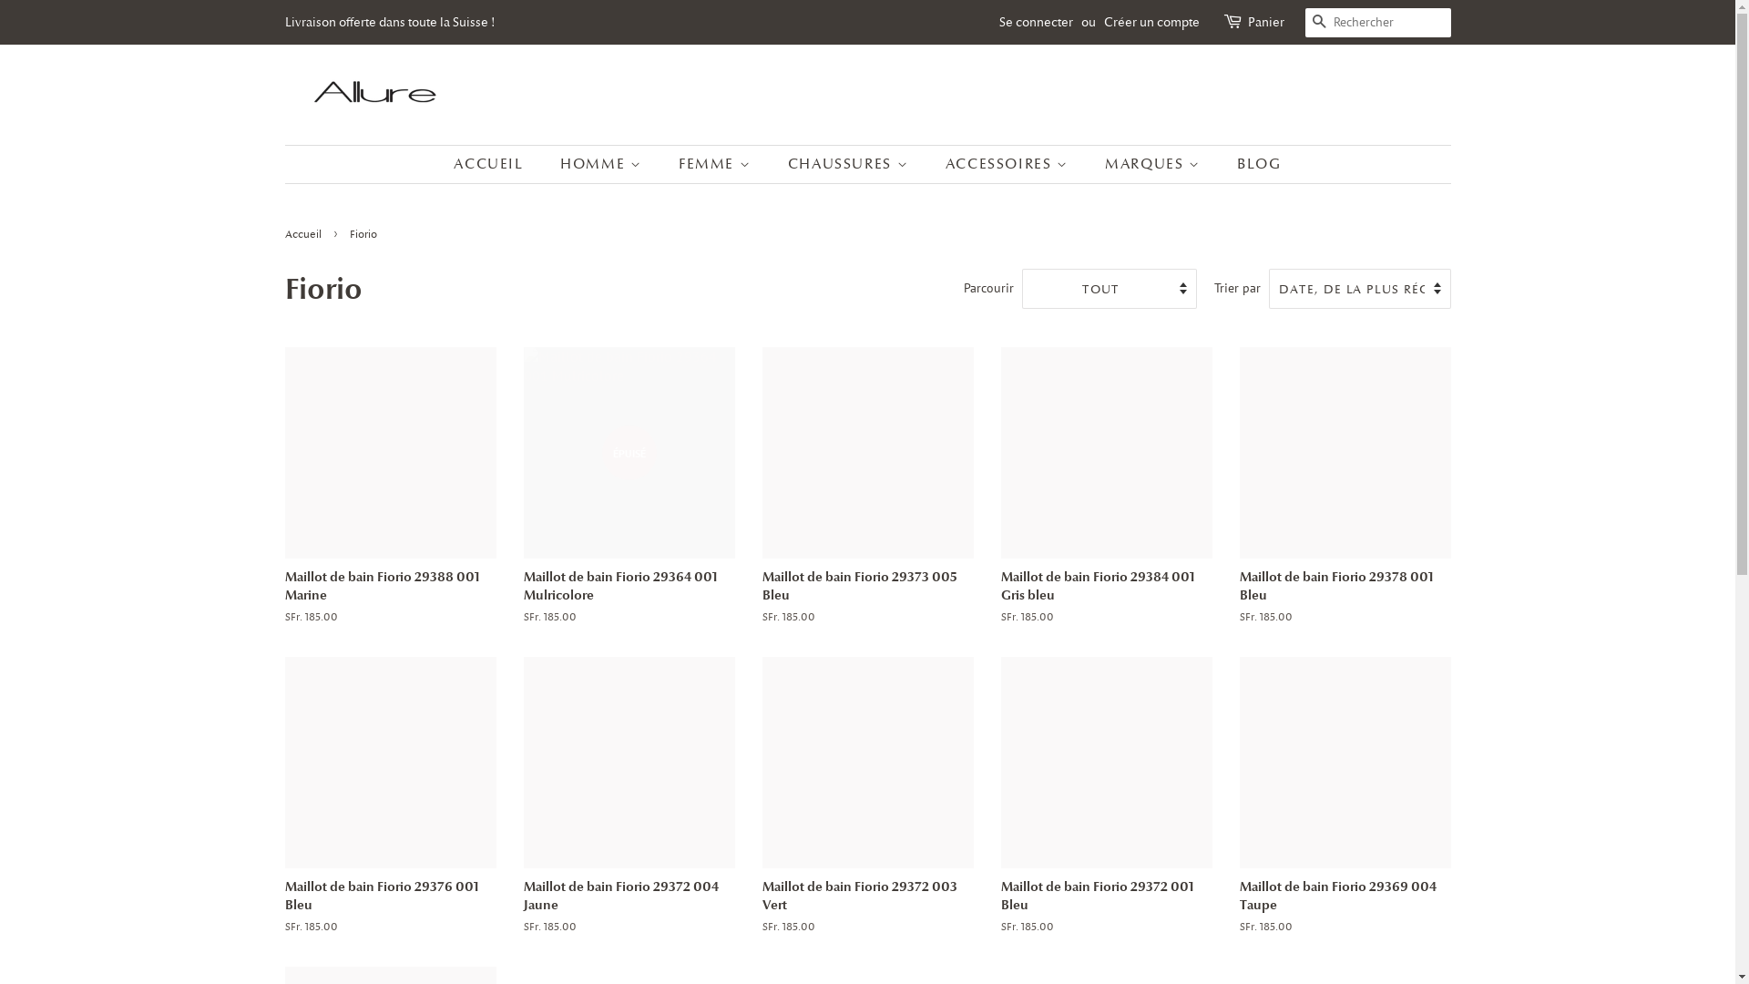  Describe the element at coordinates (1223, 164) in the screenshot. I see `'BLOG'` at that location.